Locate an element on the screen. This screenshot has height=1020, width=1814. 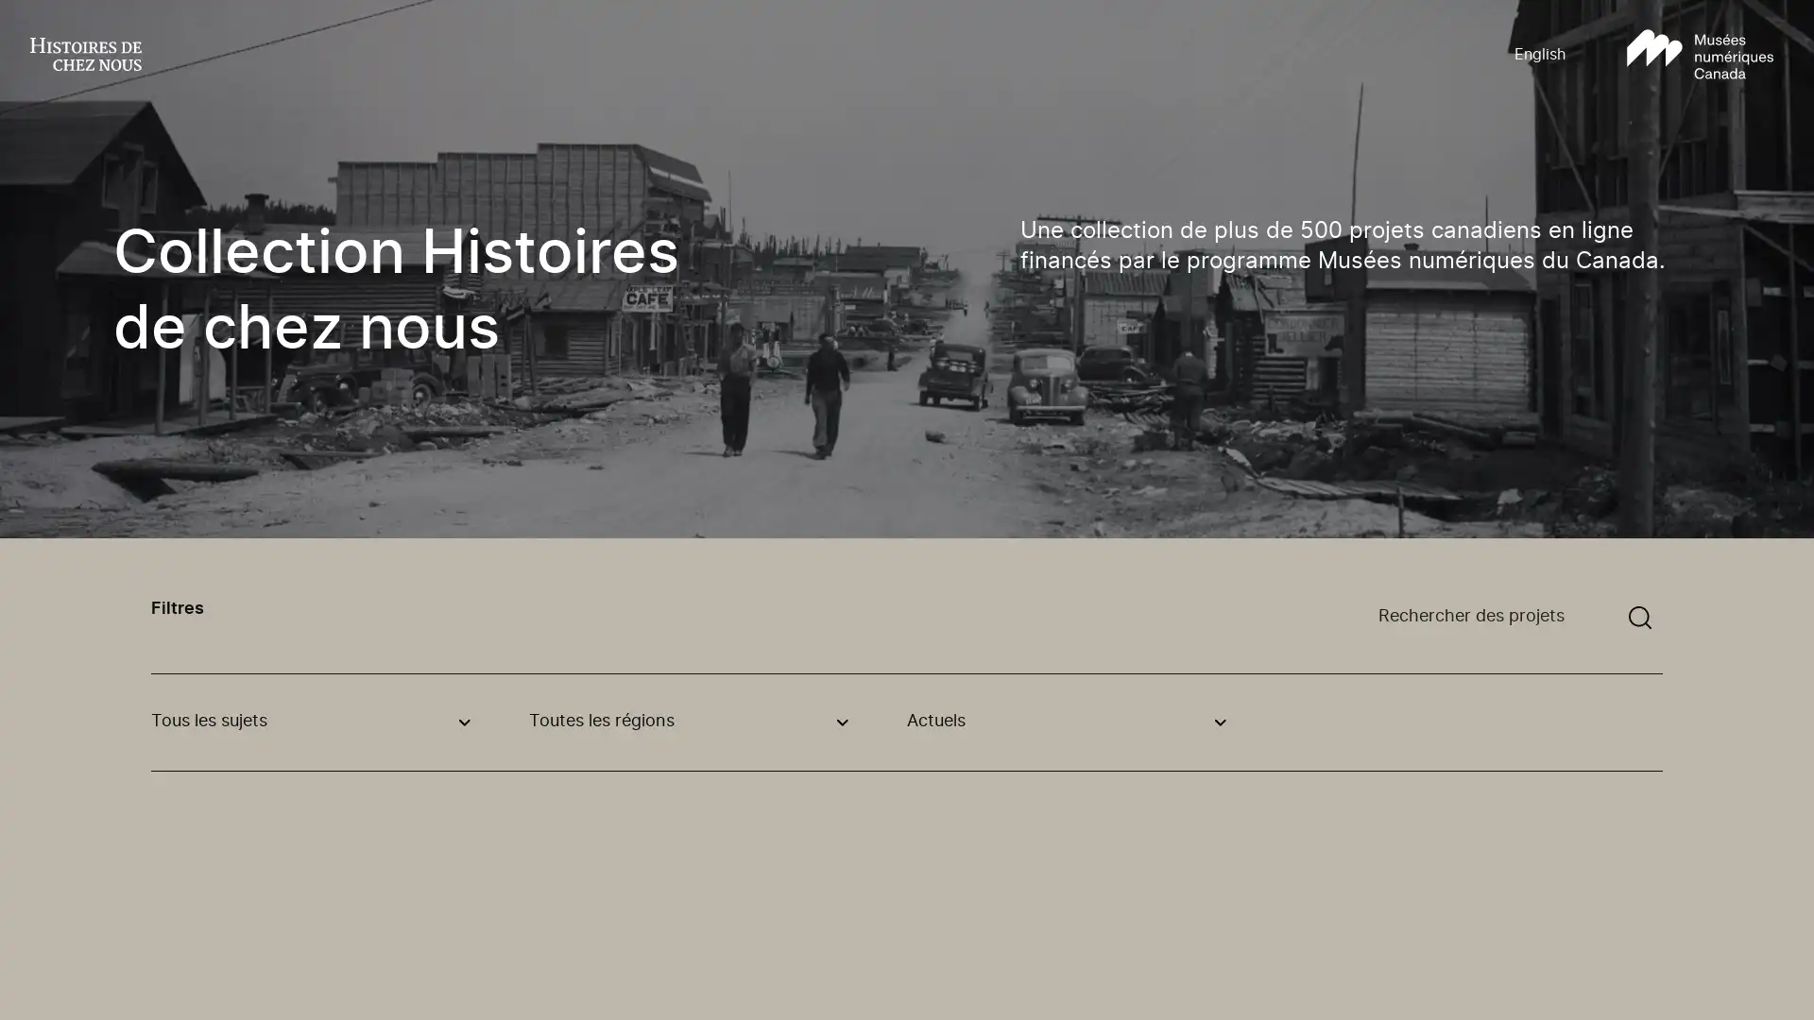
Soumettre is located at coordinates (1639, 618).